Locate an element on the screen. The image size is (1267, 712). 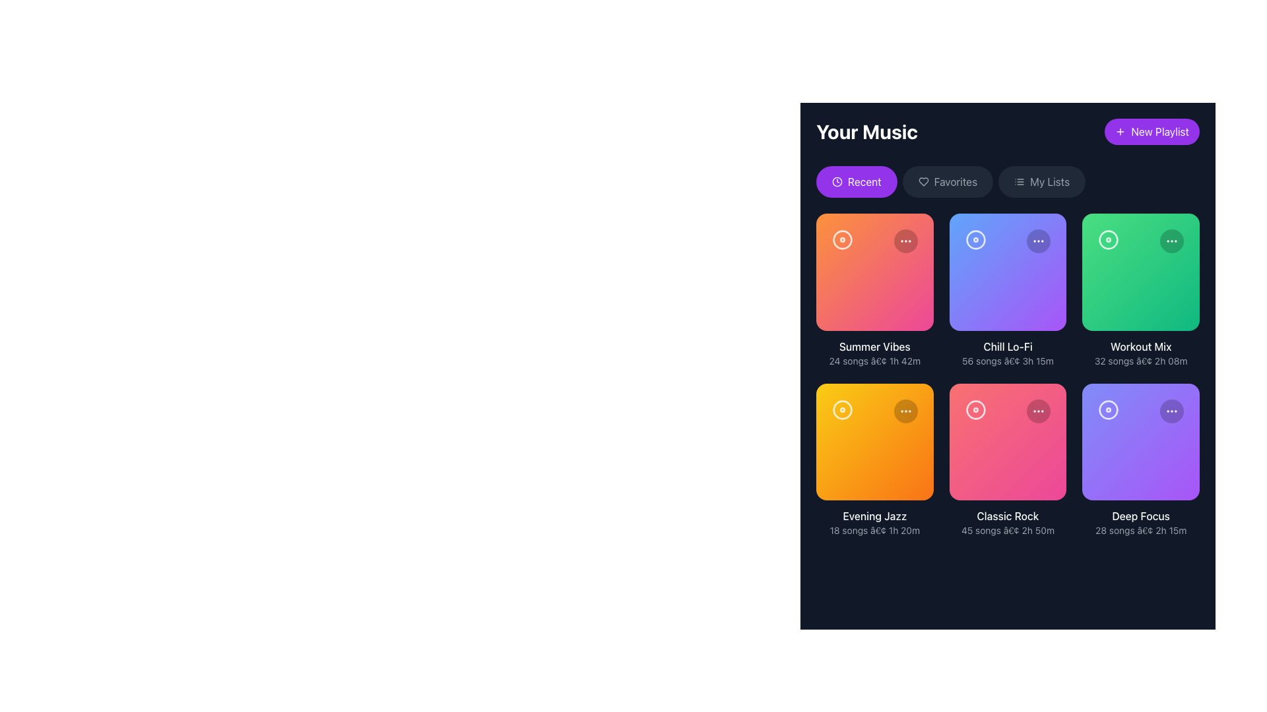
the circular icon with a white outline and transparent filling located is located at coordinates (841, 409).